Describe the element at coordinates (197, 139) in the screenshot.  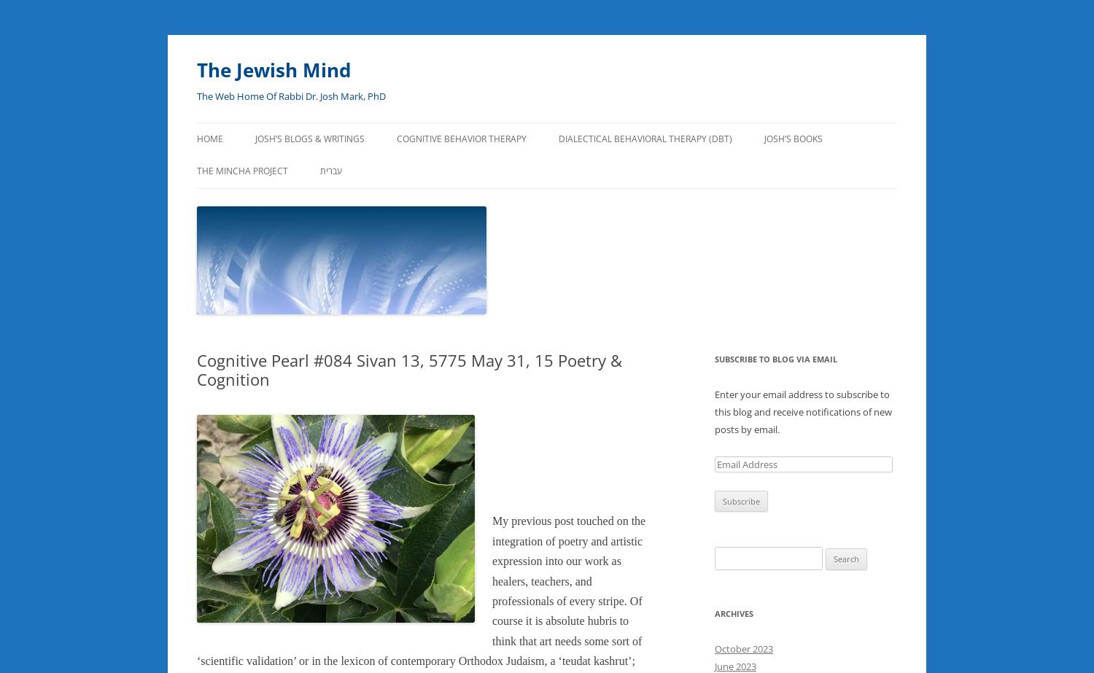
I see `'Home'` at that location.